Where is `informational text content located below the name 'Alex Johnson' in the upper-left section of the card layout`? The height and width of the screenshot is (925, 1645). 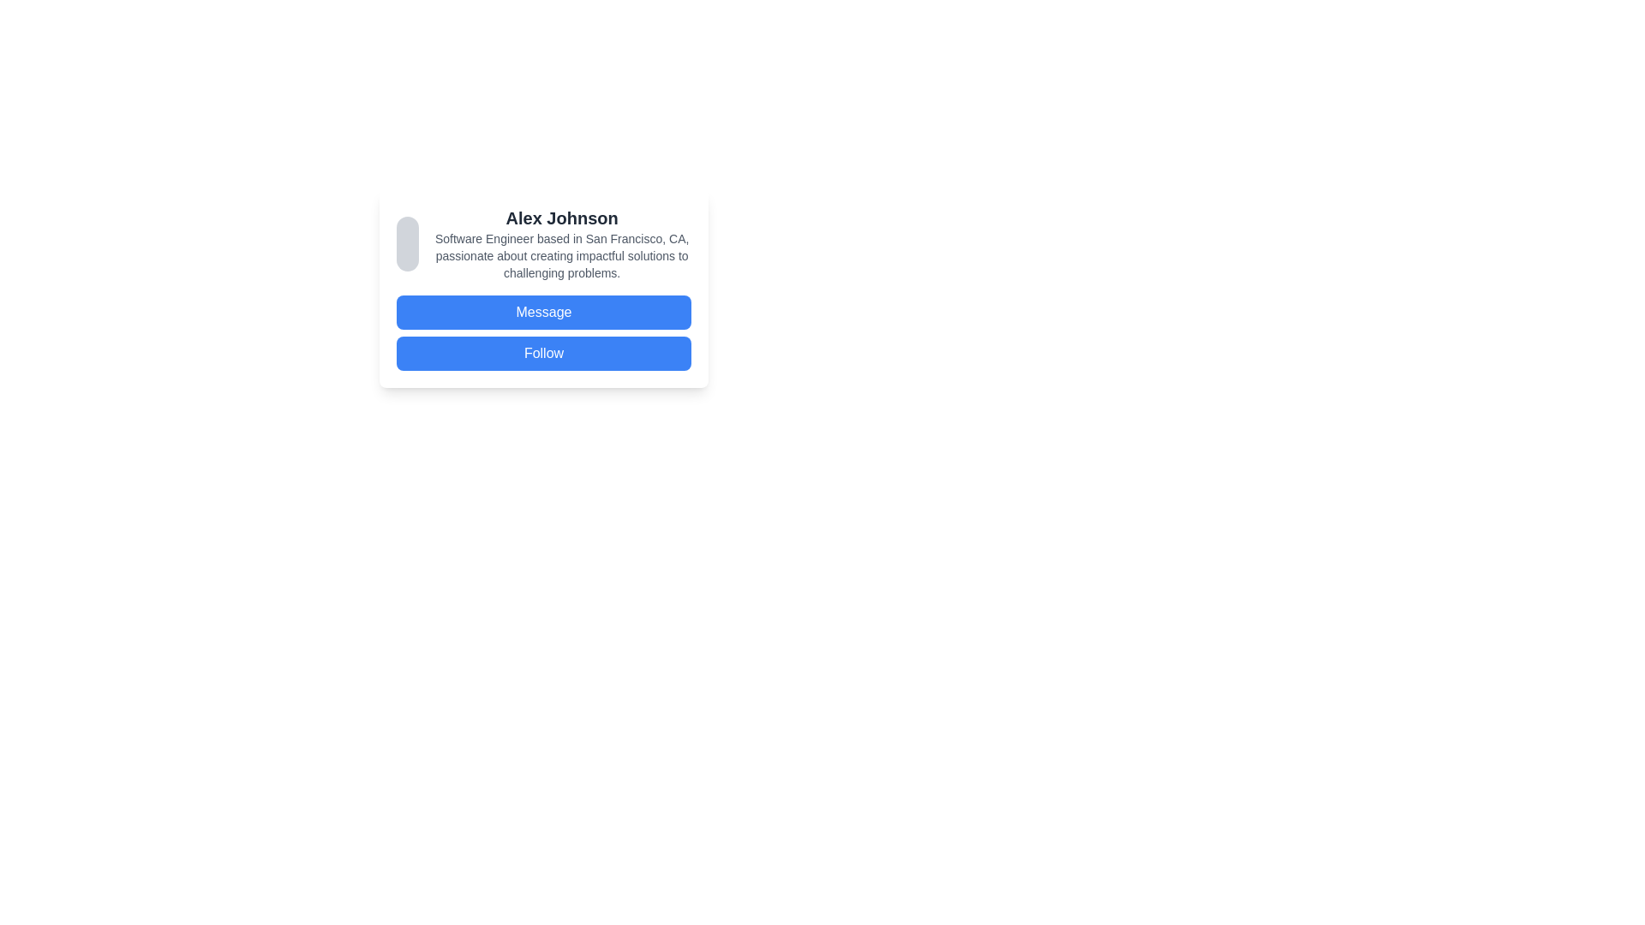
informational text content located below the name 'Alex Johnson' in the upper-left section of the card layout is located at coordinates (562, 256).